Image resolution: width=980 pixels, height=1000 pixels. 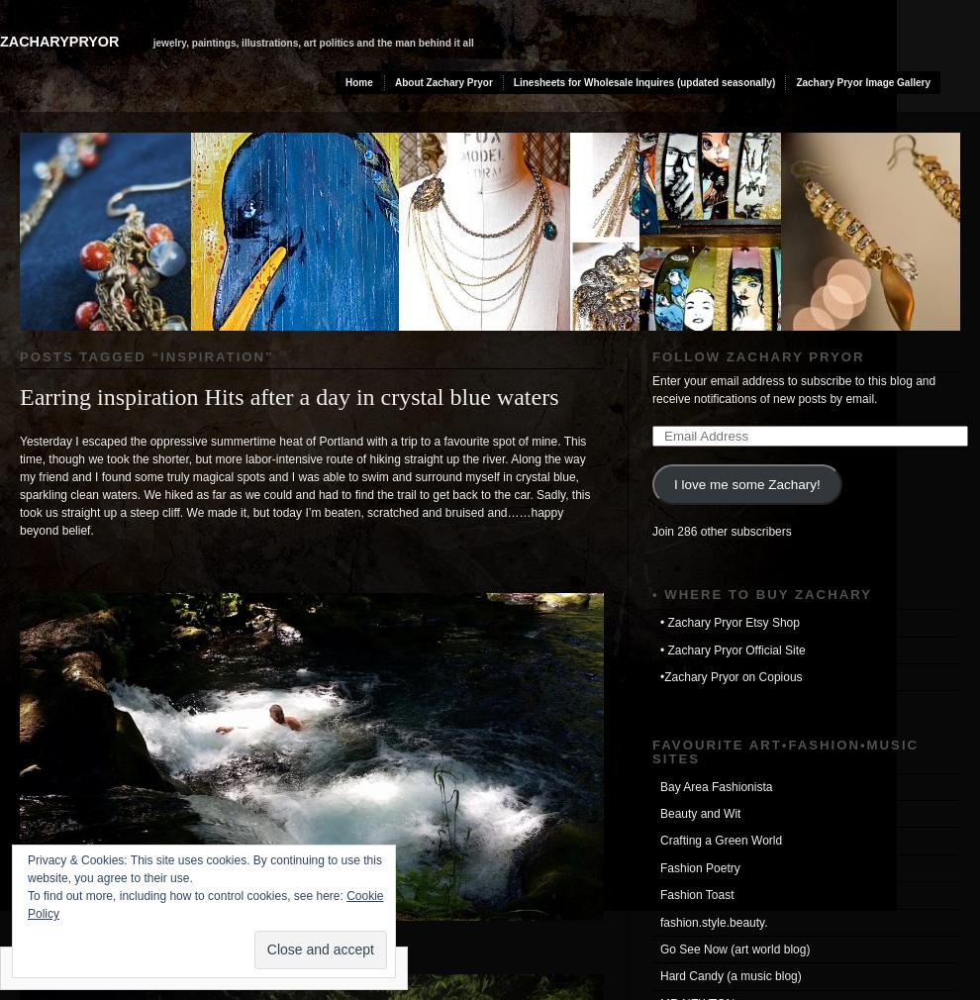 I want to click on 'Posts tagged “', so click(x=89, y=356).